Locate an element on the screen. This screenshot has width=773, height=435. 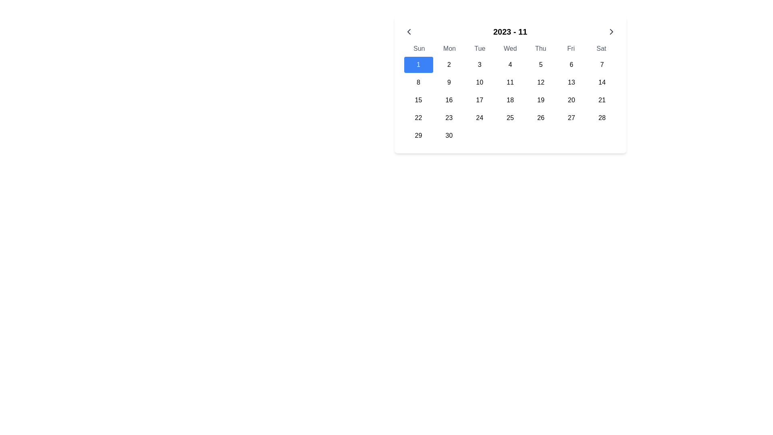
the rounded rectangular button labeled '8' in the calendar-like component to change its background color to light gray is located at coordinates (418, 82).